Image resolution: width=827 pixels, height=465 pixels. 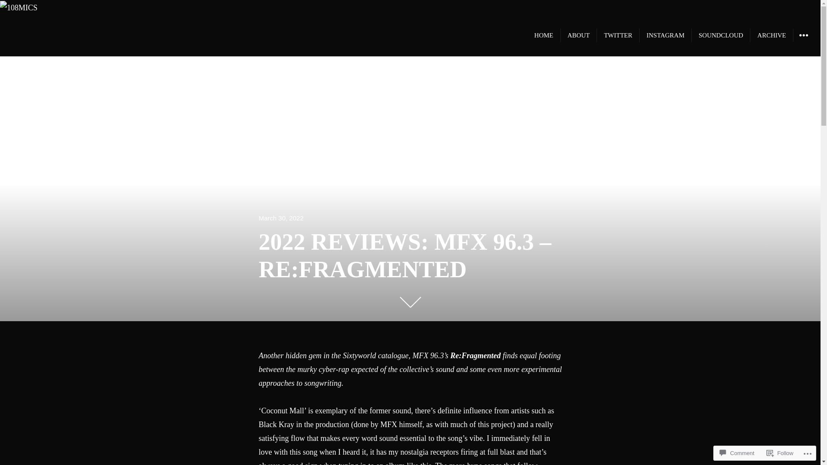 What do you see at coordinates (543, 34) in the screenshot?
I see `'HOME'` at bounding box center [543, 34].